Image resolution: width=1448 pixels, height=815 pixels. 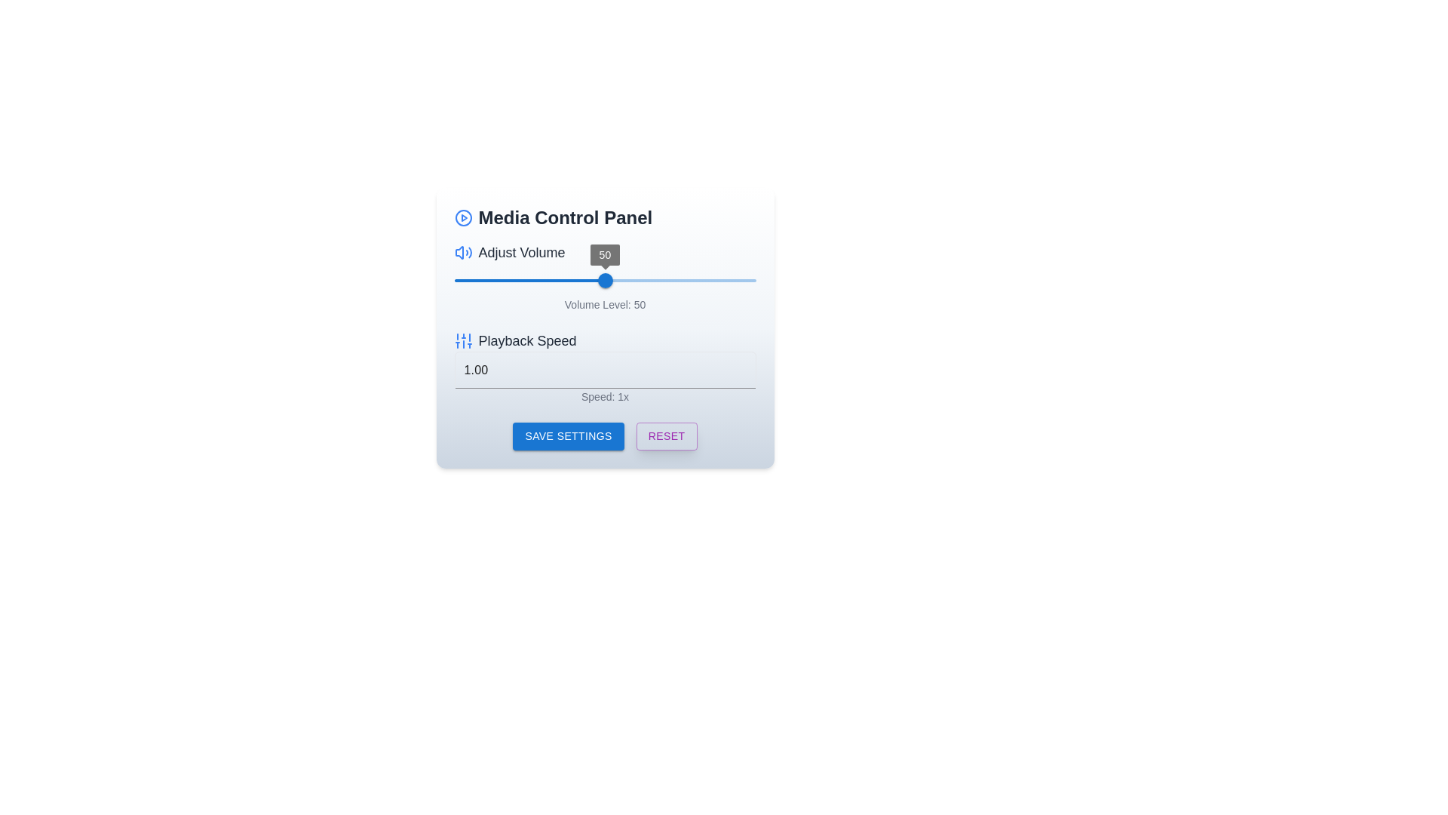 What do you see at coordinates (666, 436) in the screenshot?
I see `the 'Reset' button` at bounding box center [666, 436].